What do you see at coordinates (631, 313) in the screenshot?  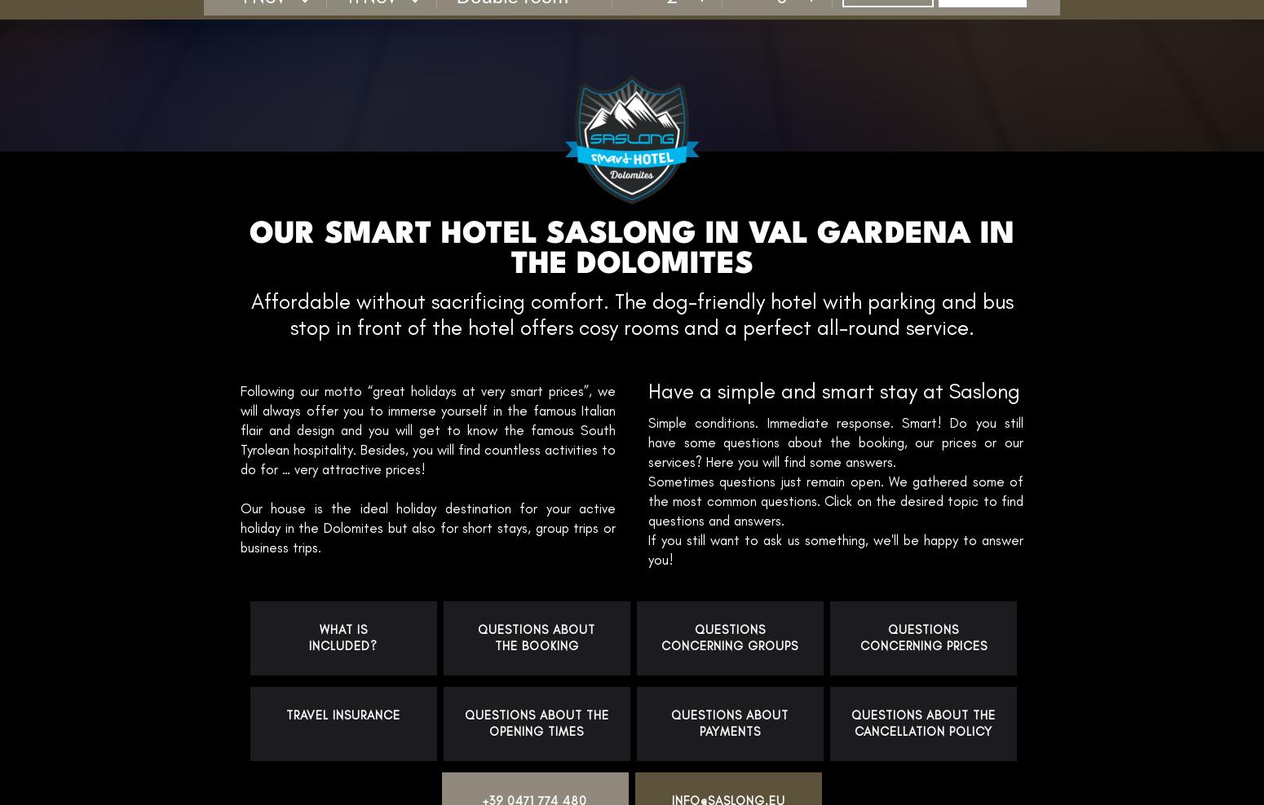 I see `'Affordable without sacrificing comfort. The dog-friendly hotel with parking and bus stop in front of the hotel offers cosy rooms and a perfect all-round service.'` at bounding box center [631, 313].